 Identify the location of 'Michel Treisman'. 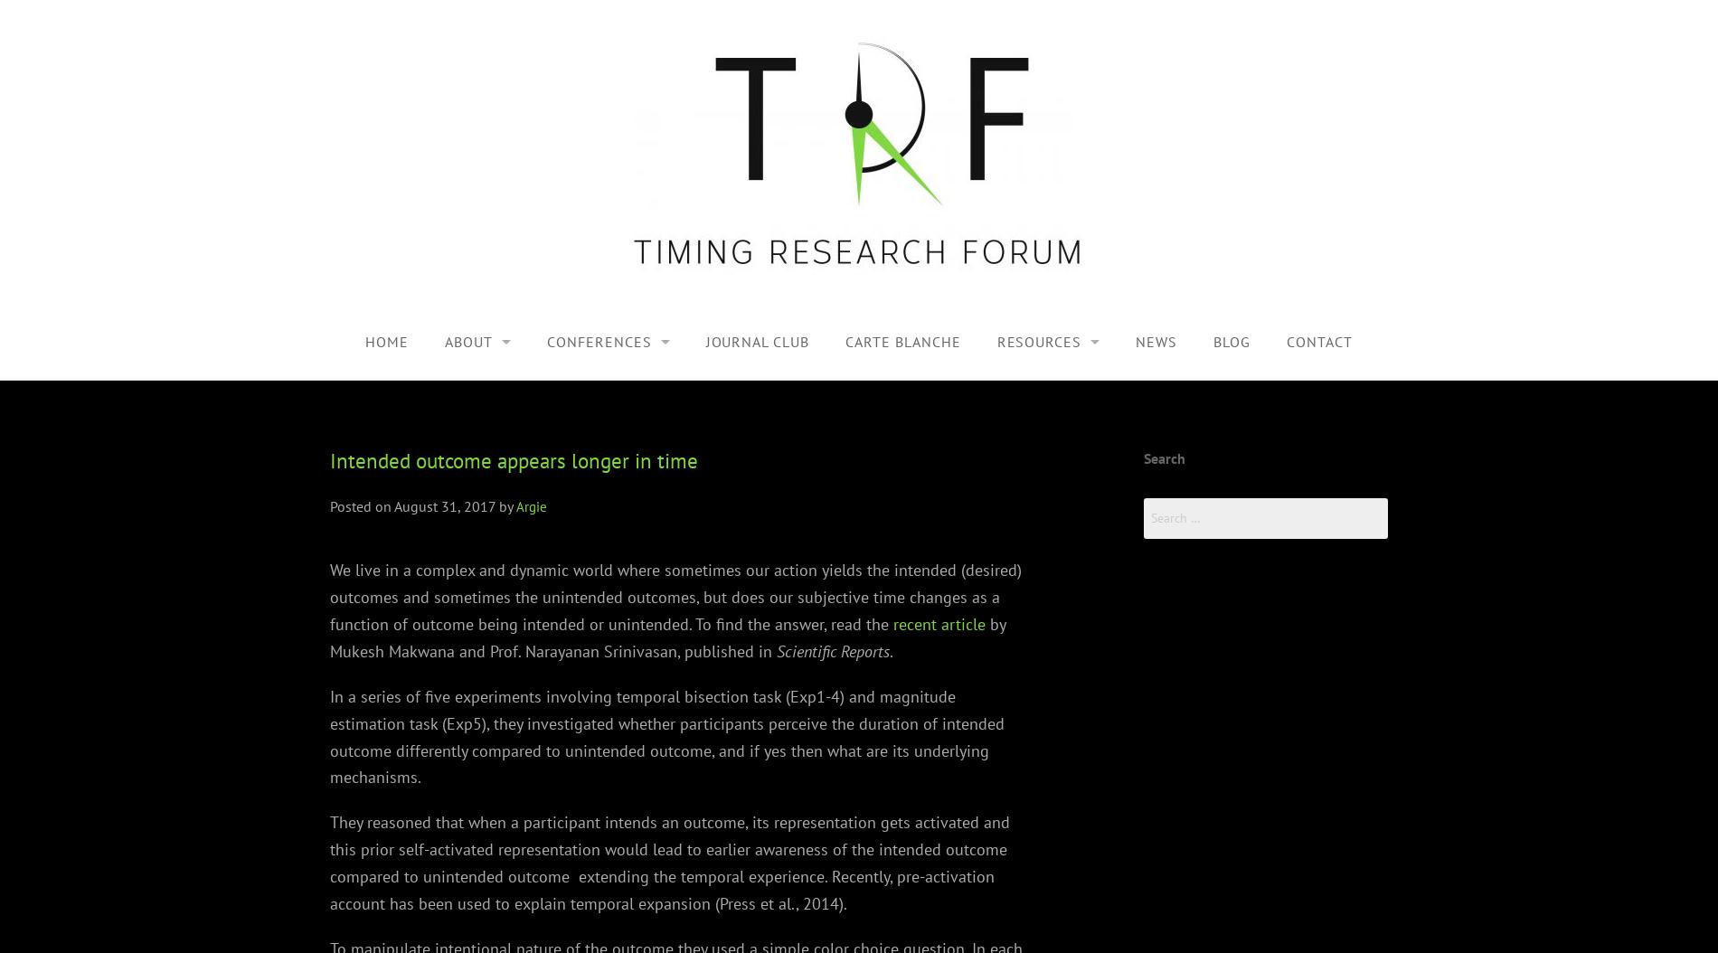
(512, 675).